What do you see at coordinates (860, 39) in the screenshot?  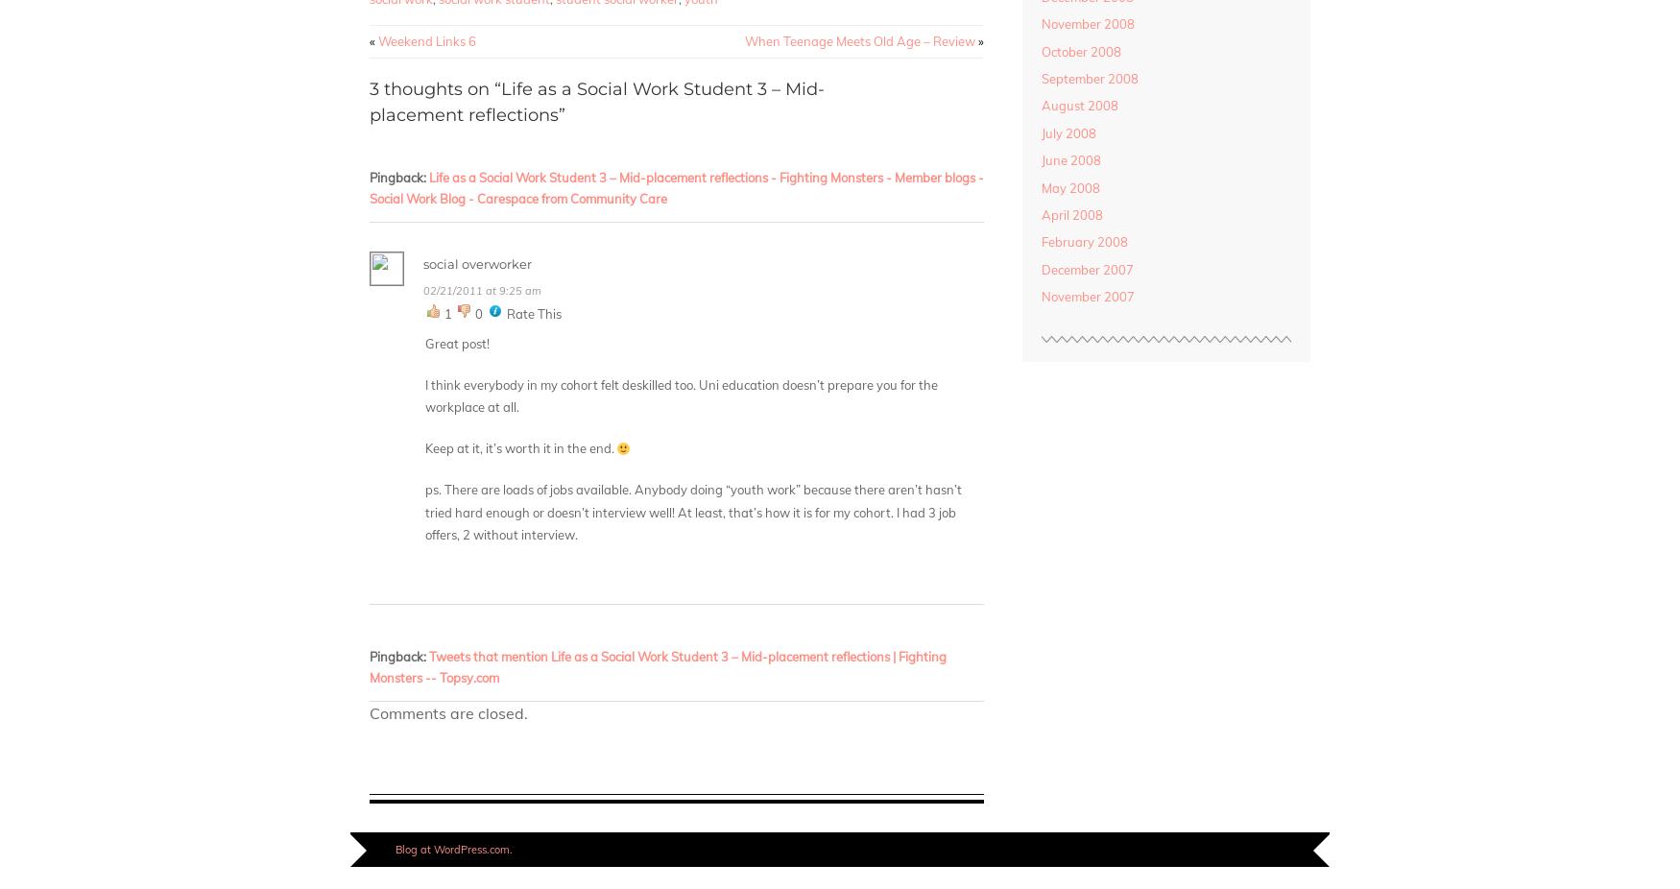 I see `'When Teenage Meets Old Age – Review'` at bounding box center [860, 39].